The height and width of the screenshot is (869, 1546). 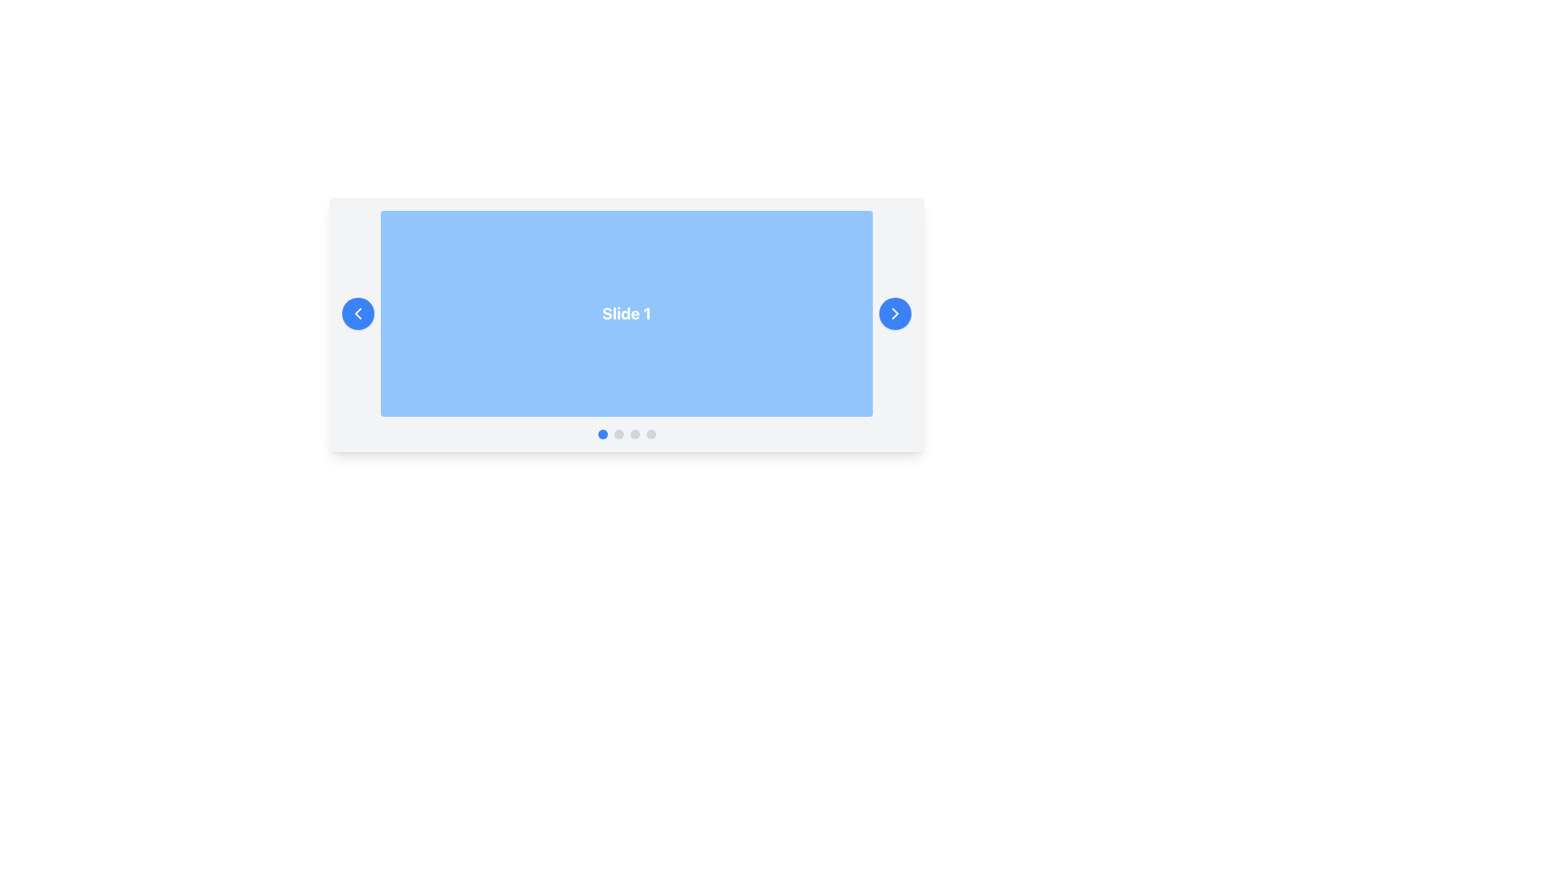 I want to click on the second circular indicator with a light gray fill located below the blue area labeled 'Slide 1', so click(x=618, y=434).